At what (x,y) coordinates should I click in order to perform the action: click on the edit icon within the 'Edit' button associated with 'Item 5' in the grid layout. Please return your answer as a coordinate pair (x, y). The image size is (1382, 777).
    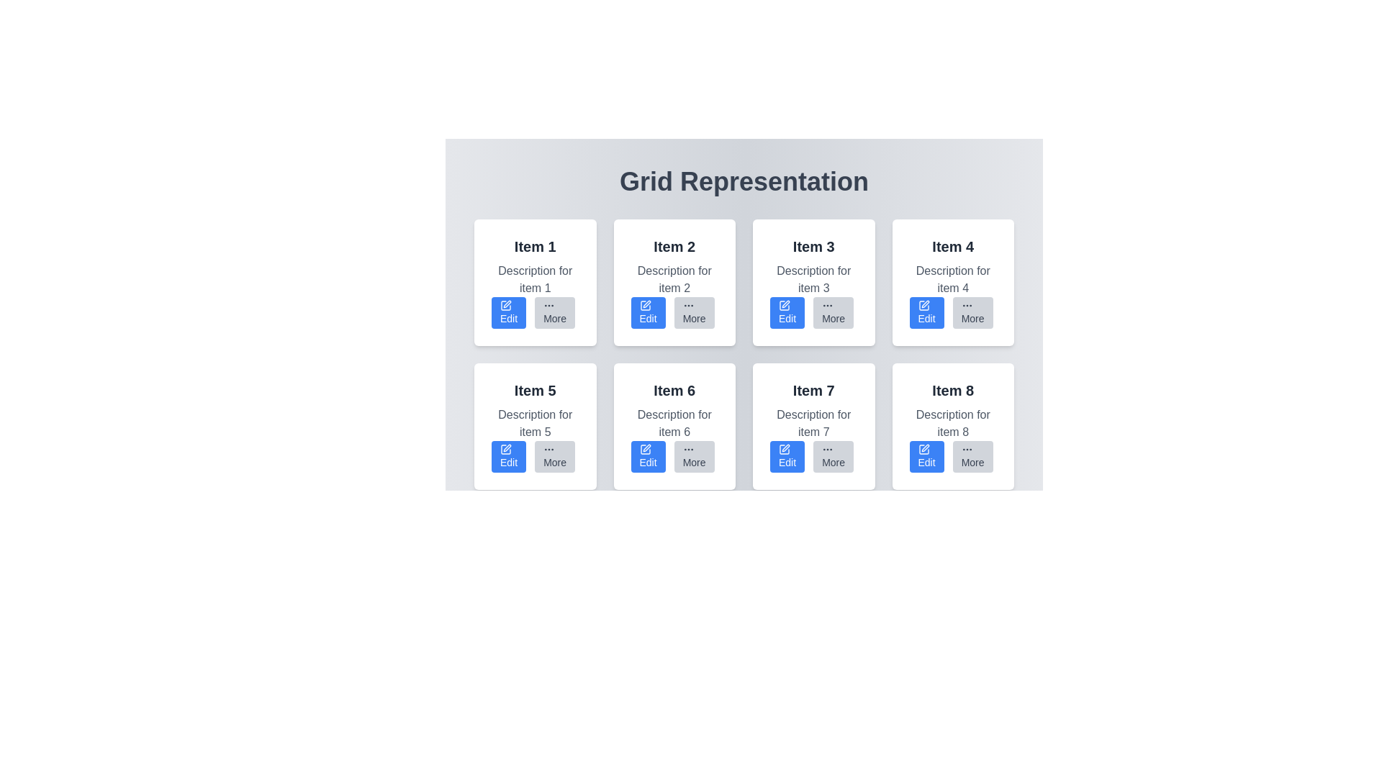
    Looking at the image, I should click on (507, 447).